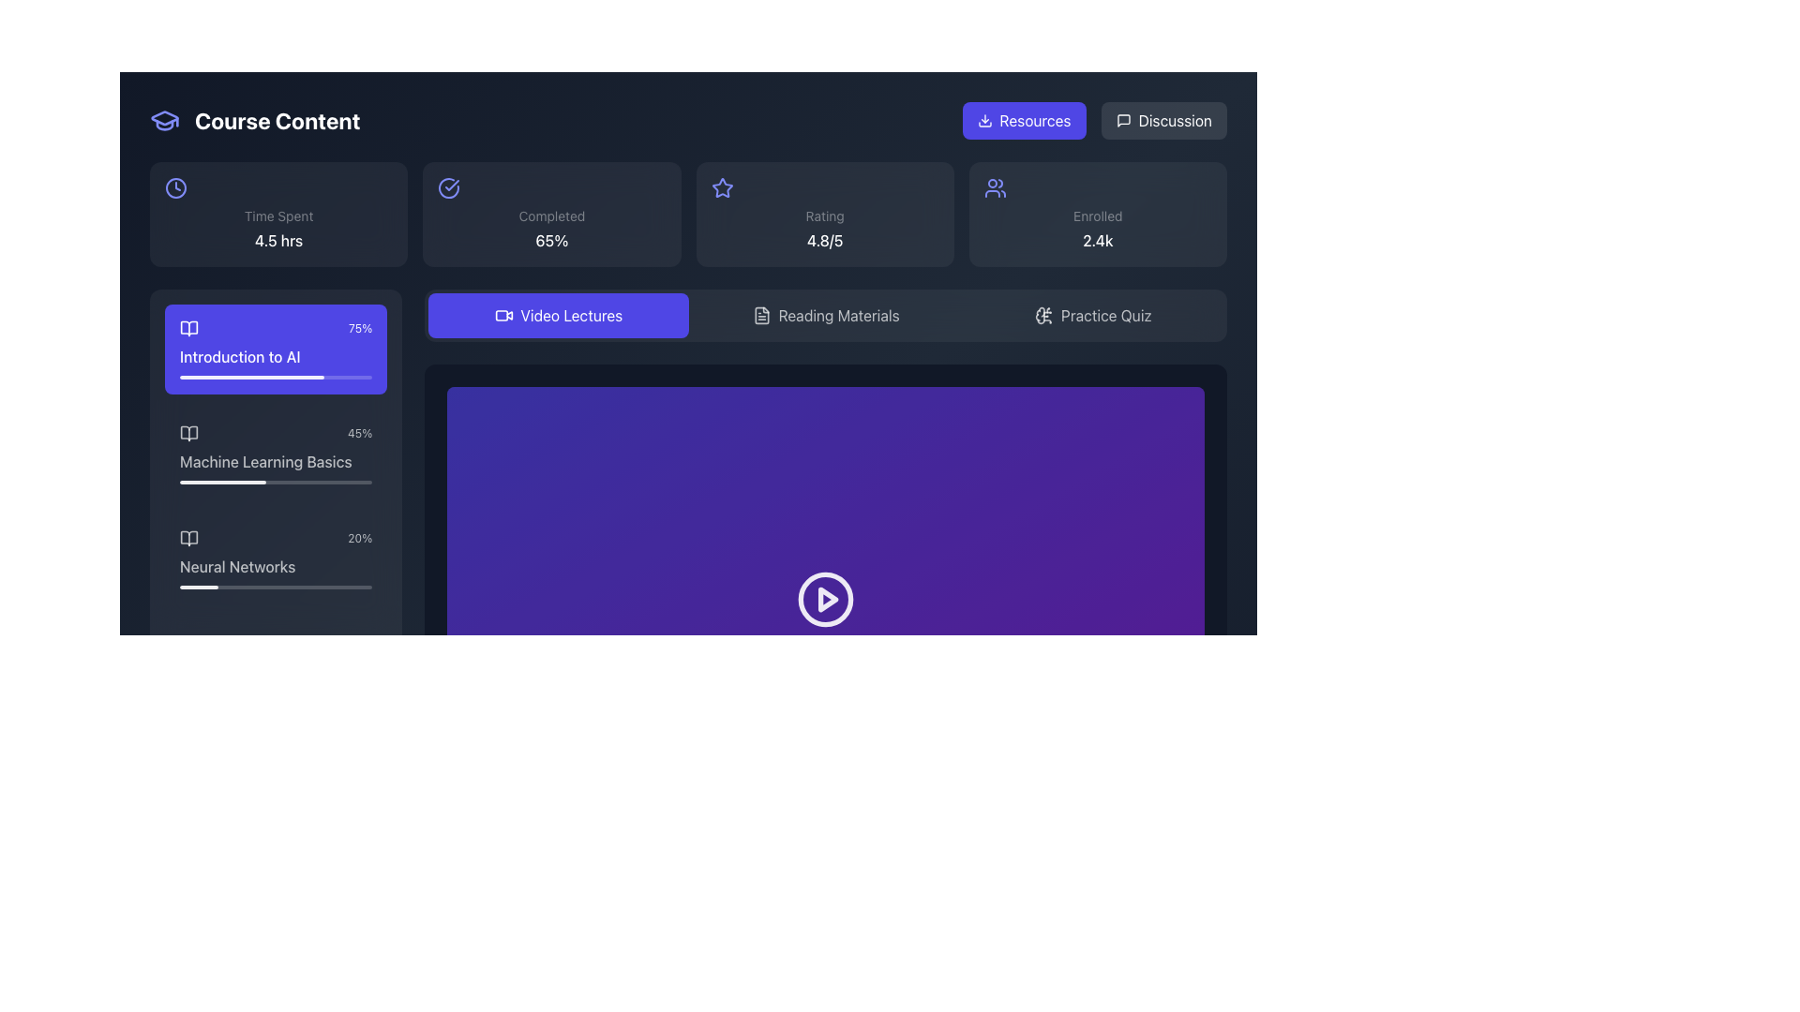 The width and height of the screenshot is (1800, 1012). What do you see at coordinates (721, 187) in the screenshot?
I see `the rating icon located to the left of the text 'Rating: 4.8/5' in the header panel to provide user feedback` at bounding box center [721, 187].